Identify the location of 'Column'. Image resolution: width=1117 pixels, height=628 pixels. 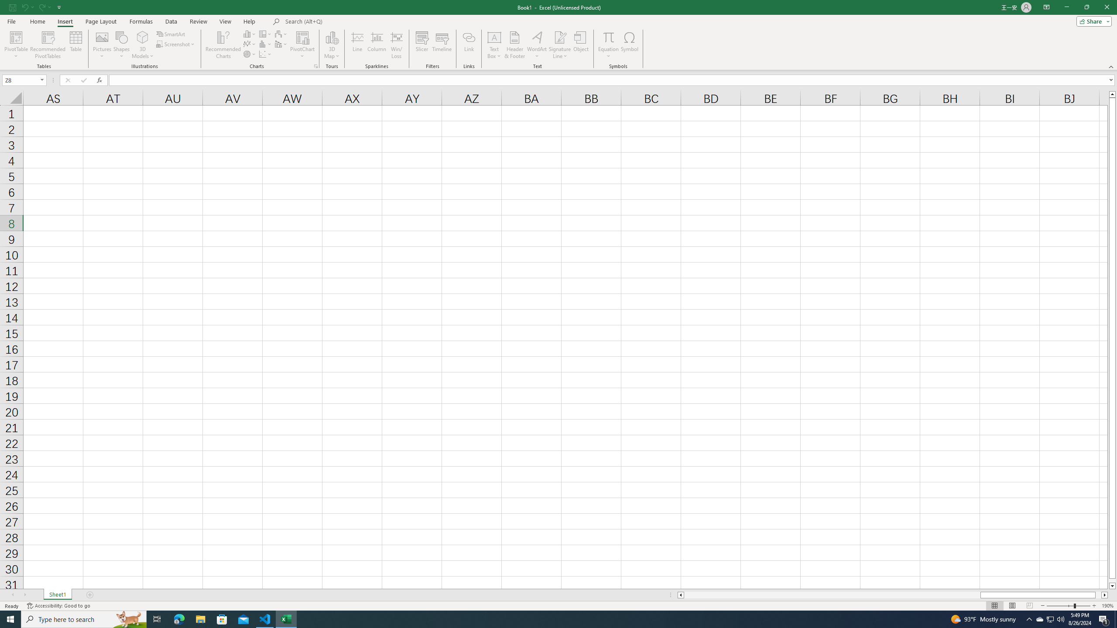
(377, 45).